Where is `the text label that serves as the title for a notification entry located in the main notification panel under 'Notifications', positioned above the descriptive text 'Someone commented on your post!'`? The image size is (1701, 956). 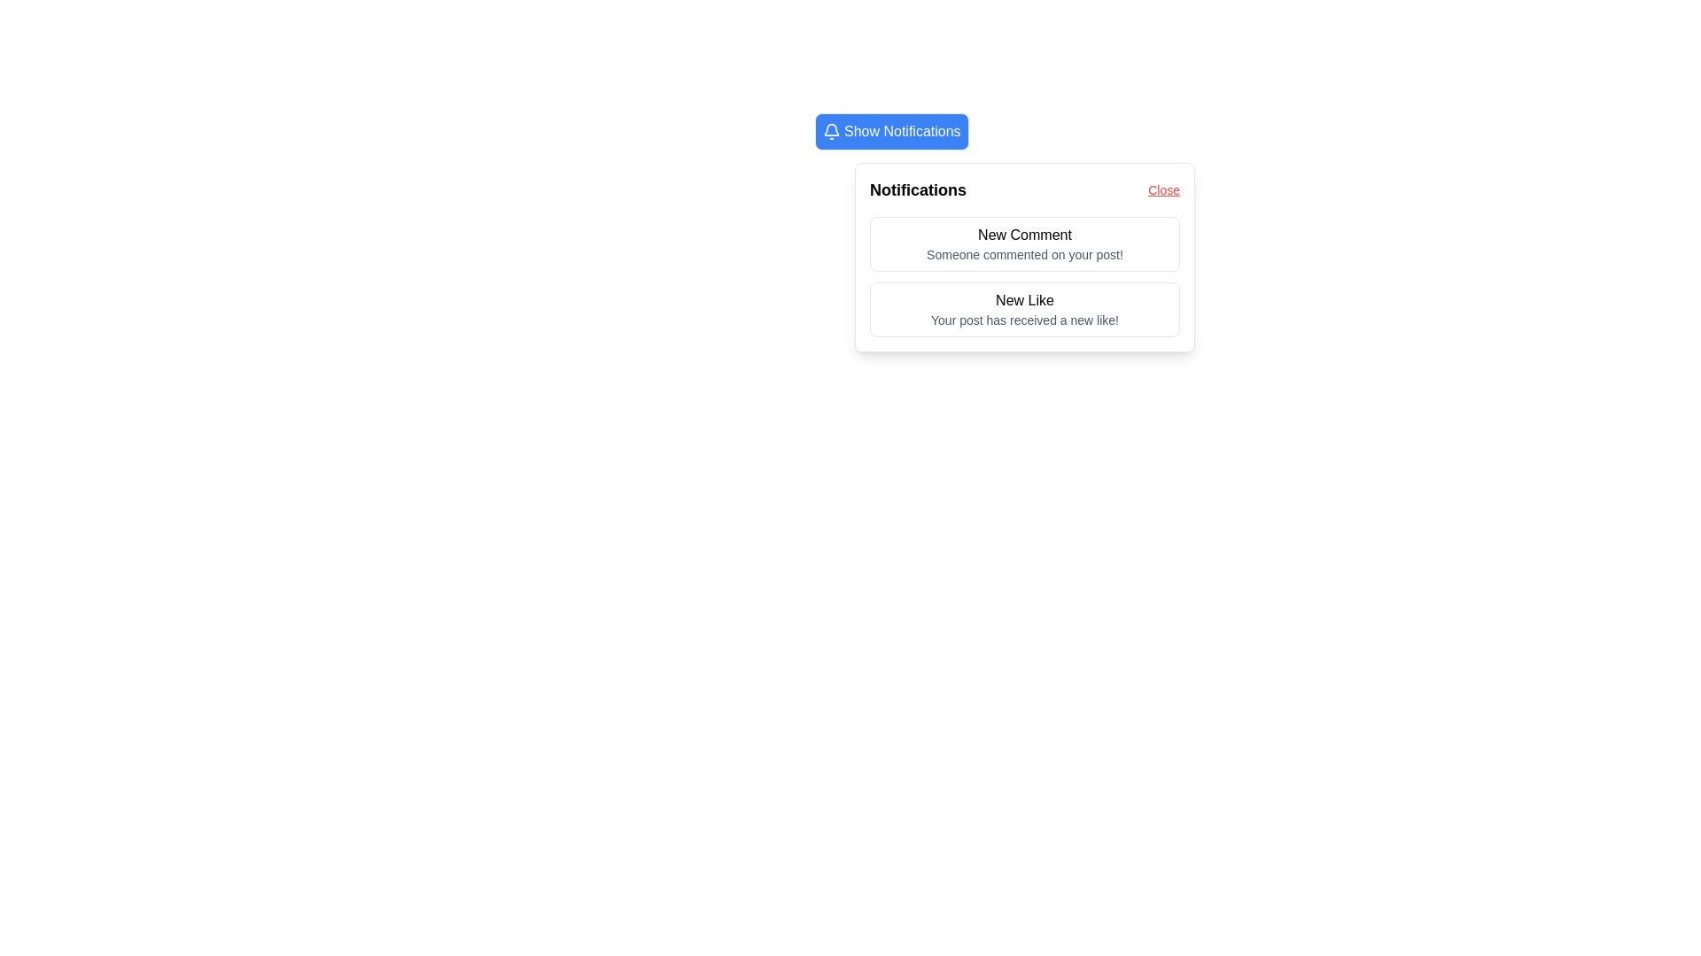 the text label that serves as the title for a notification entry located in the main notification panel under 'Notifications', positioned above the descriptive text 'Someone commented on your post!' is located at coordinates (1024, 235).